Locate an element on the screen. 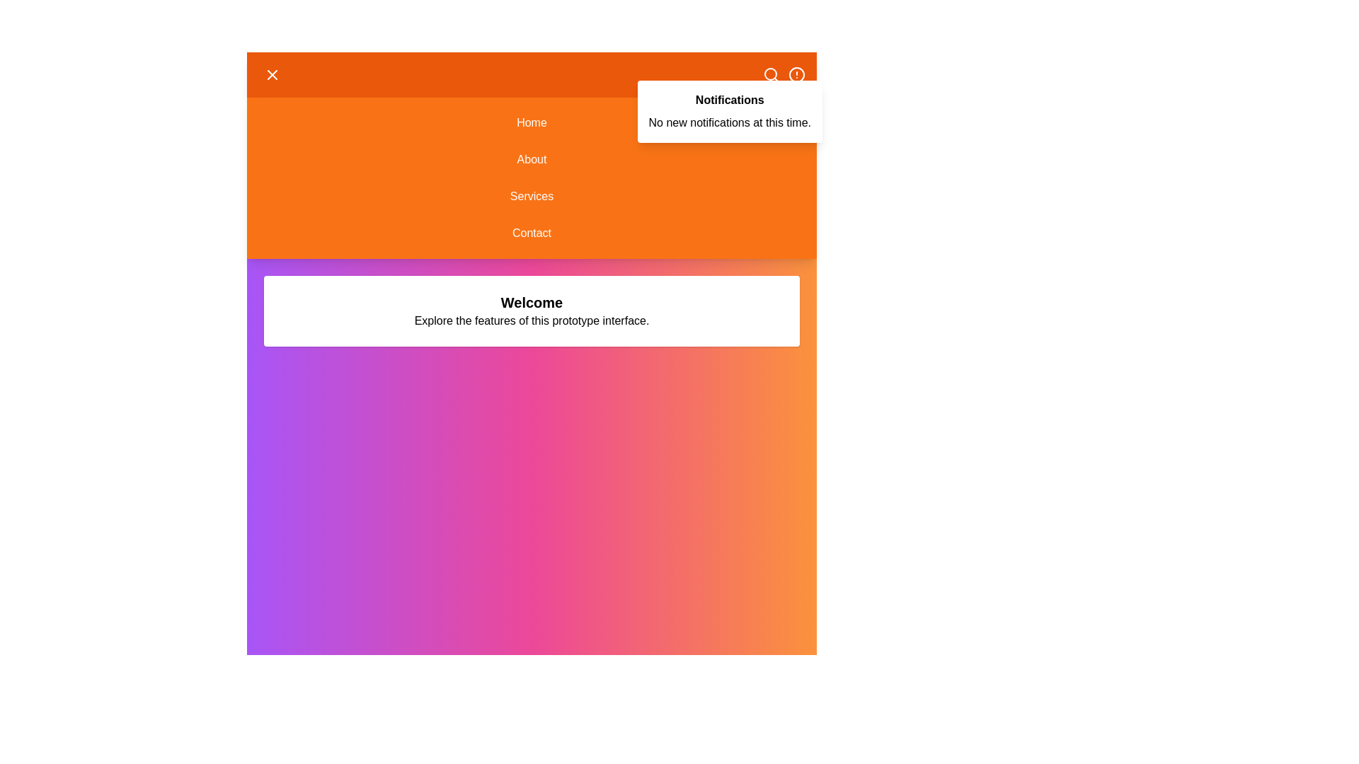 The image size is (1359, 764). the Services menu option is located at coordinates (531, 196).